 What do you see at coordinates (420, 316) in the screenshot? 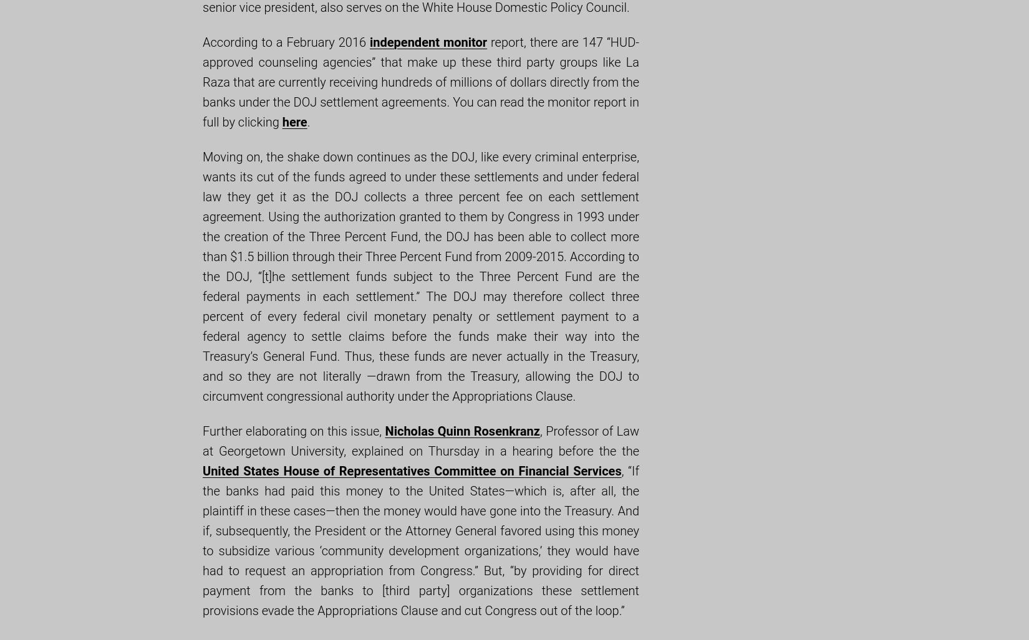
I see `'the DOJ has been able to collect more than $1.5 billion through their Three Percent Fund from 2009-2015. According to the DOJ, “[t]he settlement funds subject to the Three Percent Fund are the federal payments in each settlement.” The DOJ may therefore collect three percent of every federal civil monetary penalty or settlement payment to a federal agency to settle claims before the funds make their way into the Treasury’s General Fund. Thus, these funds are never actually in the Treasury, and so they are not literally ―drawn from the Treasury, allowing the DOJ to circumvent congressional authority under the Appropriations Clause.'` at bounding box center [420, 316].